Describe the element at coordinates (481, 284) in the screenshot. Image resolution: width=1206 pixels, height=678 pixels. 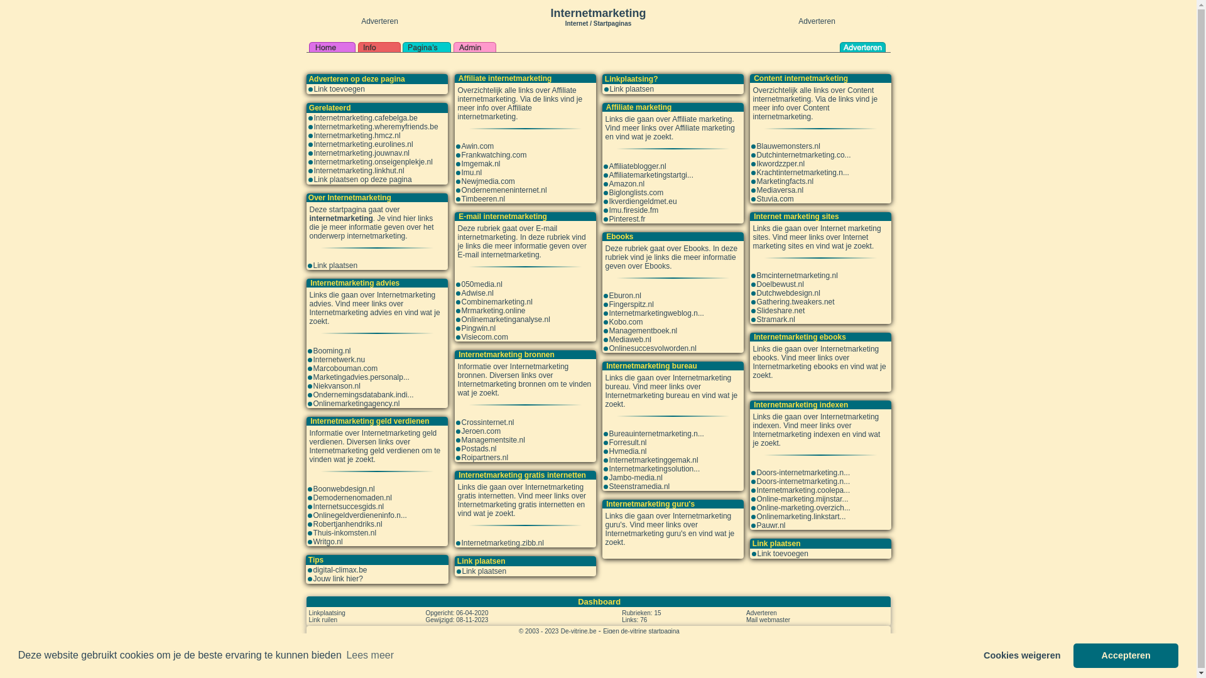
I see `'050media.nl'` at that location.